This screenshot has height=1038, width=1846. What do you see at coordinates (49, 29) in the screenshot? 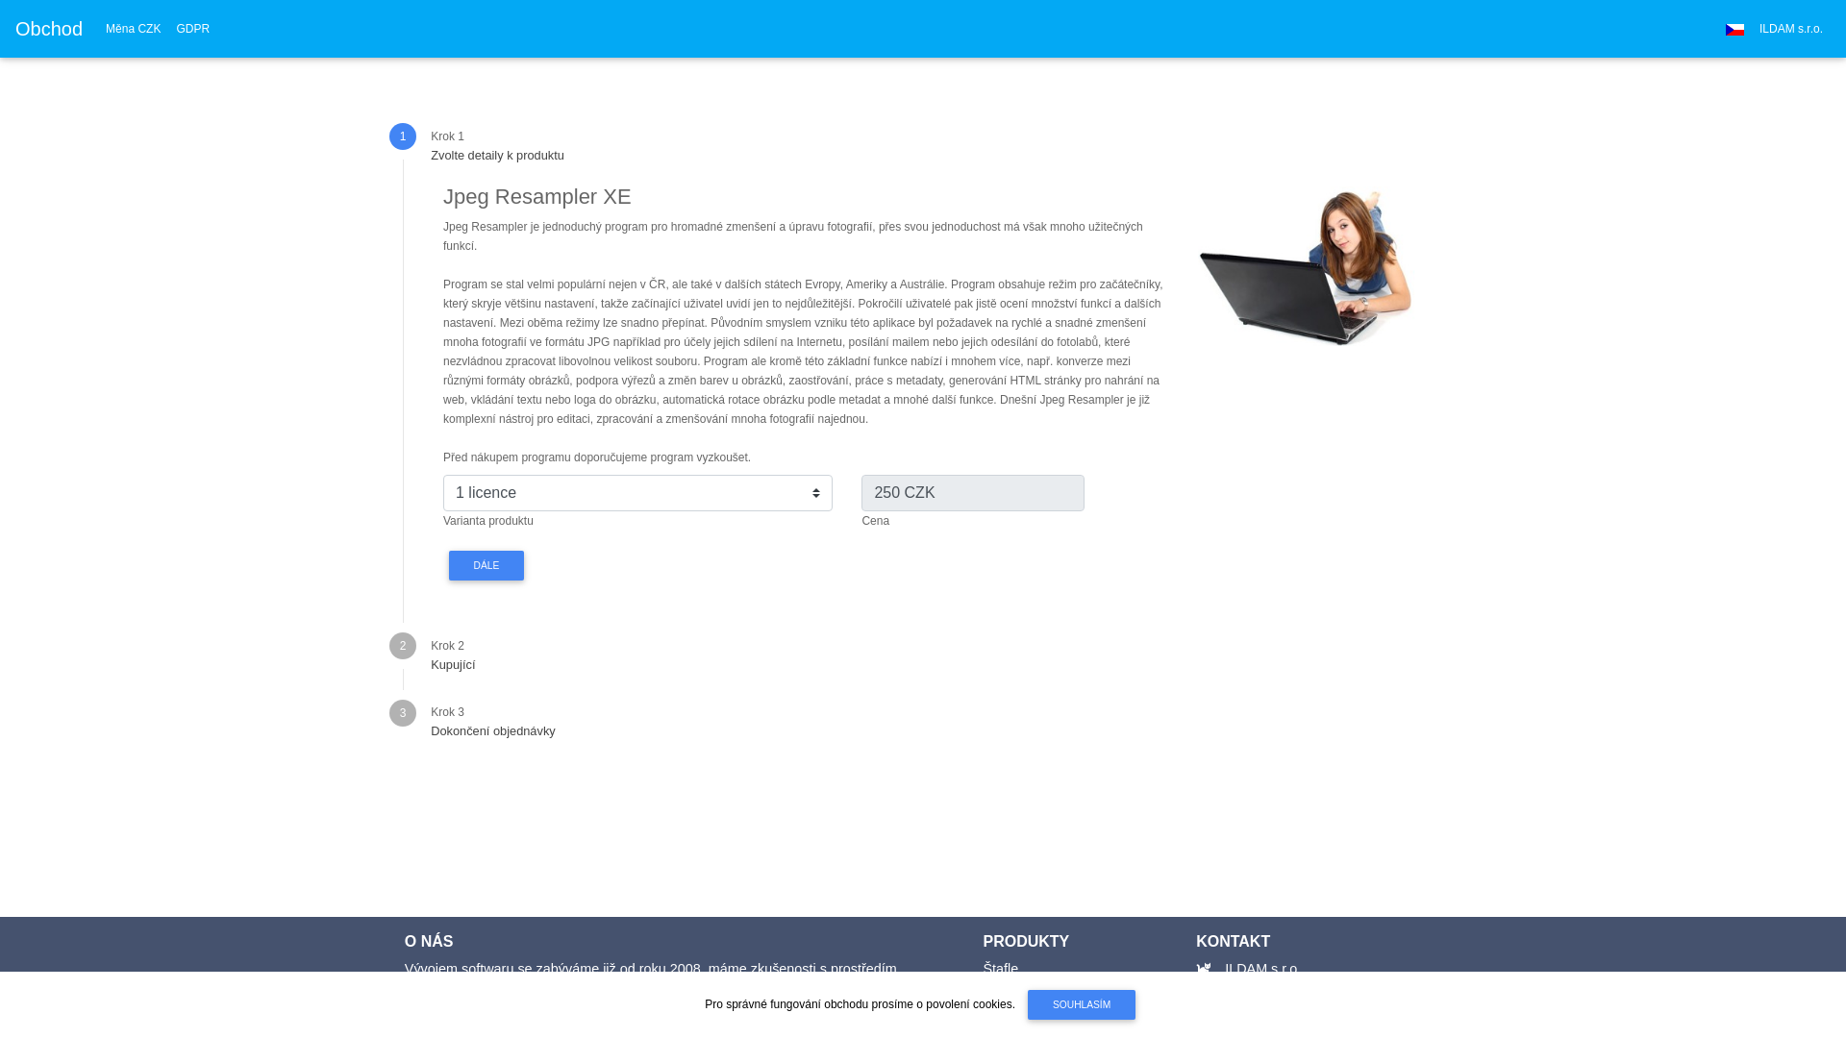
I see `'Obchod'` at bounding box center [49, 29].